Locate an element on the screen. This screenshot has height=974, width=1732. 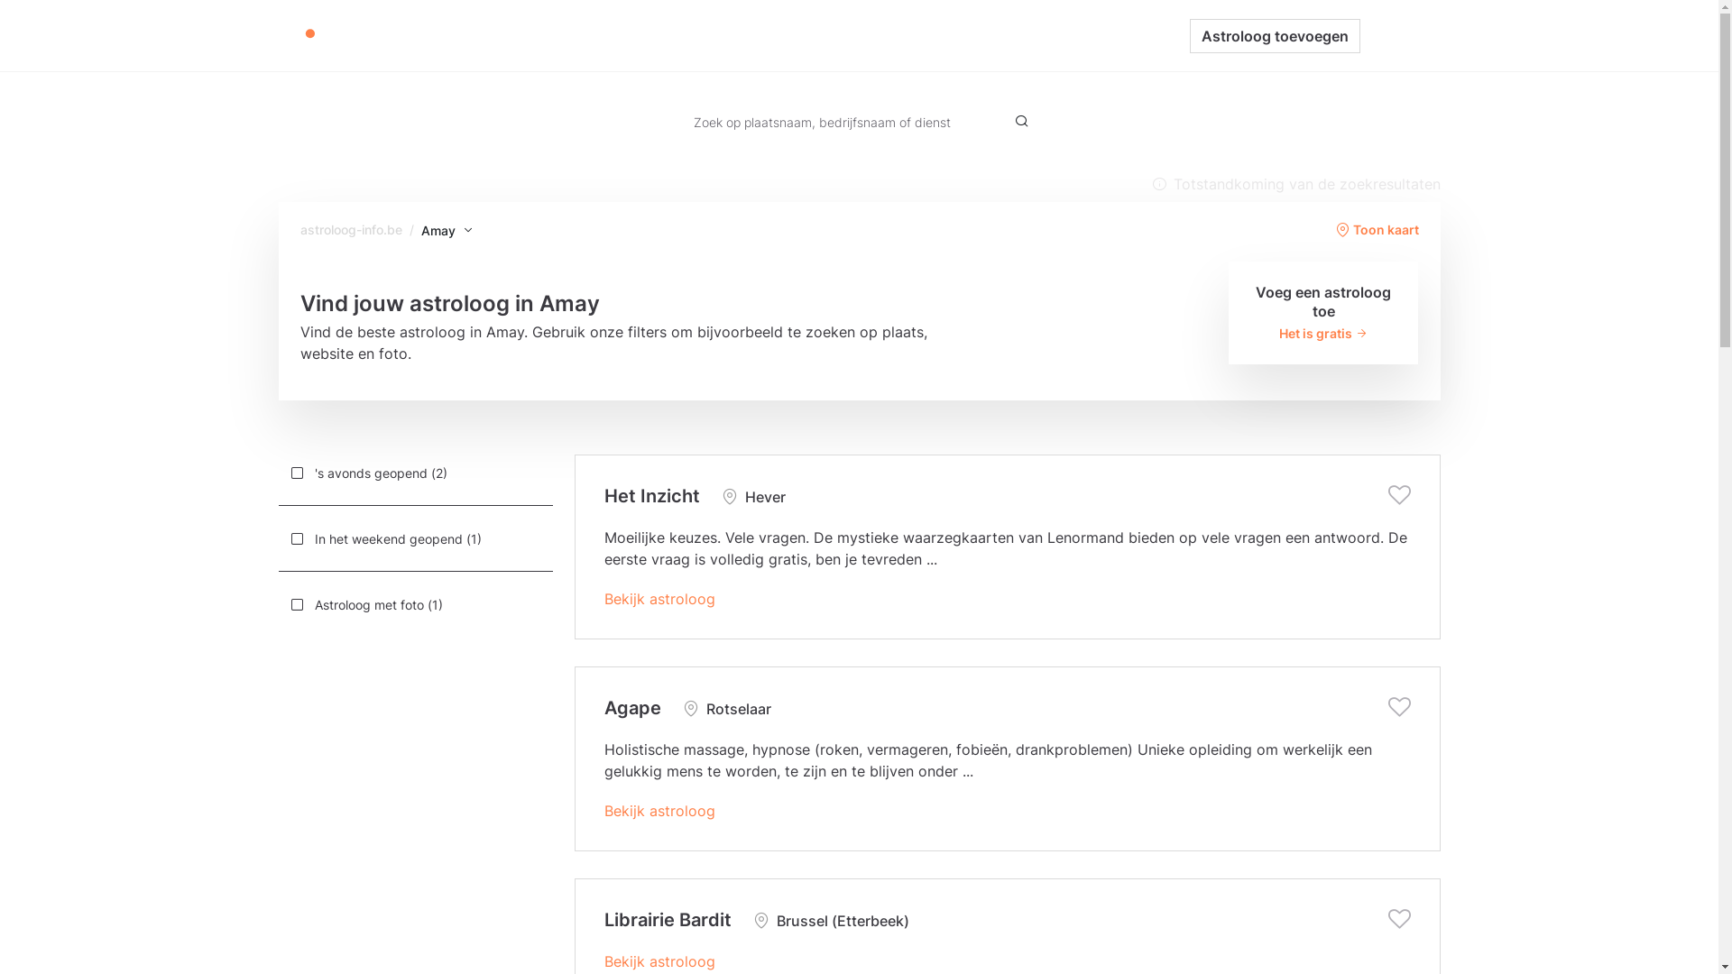
'Inloggen' is located at coordinates (1399, 35).